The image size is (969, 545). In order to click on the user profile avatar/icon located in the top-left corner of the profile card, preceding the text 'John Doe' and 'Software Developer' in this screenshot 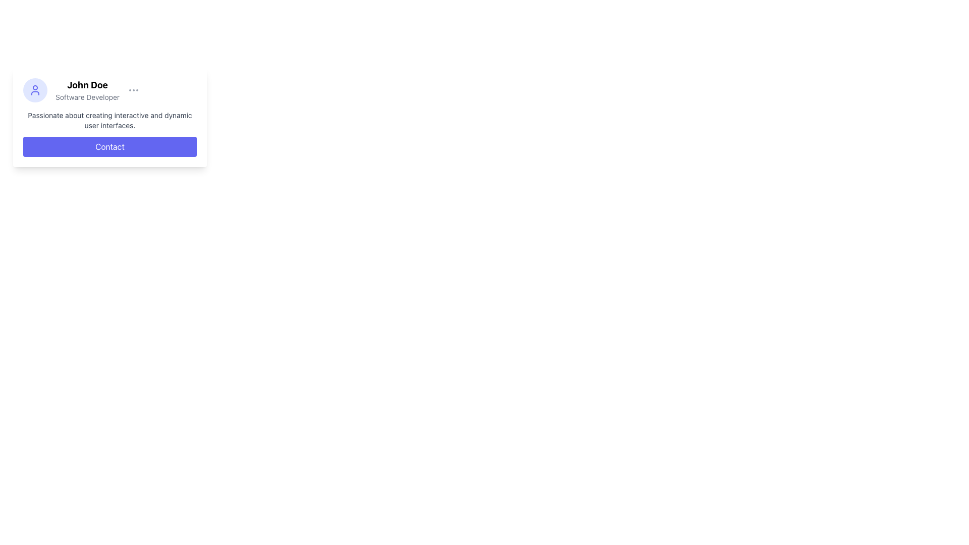, I will do `click(35, 89)`.